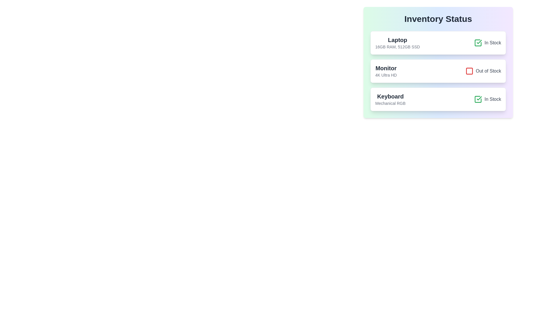 This screenshot has height=311, width=553. What do you see at coordinates (386, 75) in the screenshot?
I see `the text label providing details about the 'Monitor' product, which specifies '4K Ultra HD' and is located under the 'Monitor' text in the second card of a vertical stack` at bounding box center [386, 75].